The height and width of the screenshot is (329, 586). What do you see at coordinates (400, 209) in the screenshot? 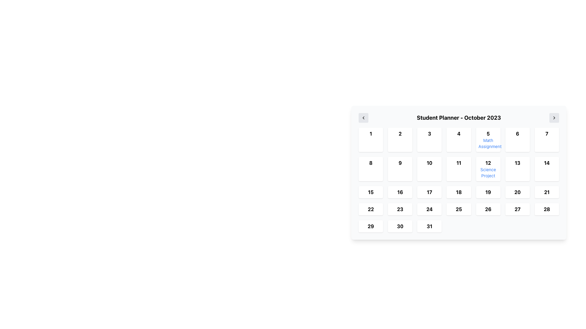
I see `the text label representing the day number '23' in the calendar layout by moving the cursor to its center point` at bounding box center [400, 209].